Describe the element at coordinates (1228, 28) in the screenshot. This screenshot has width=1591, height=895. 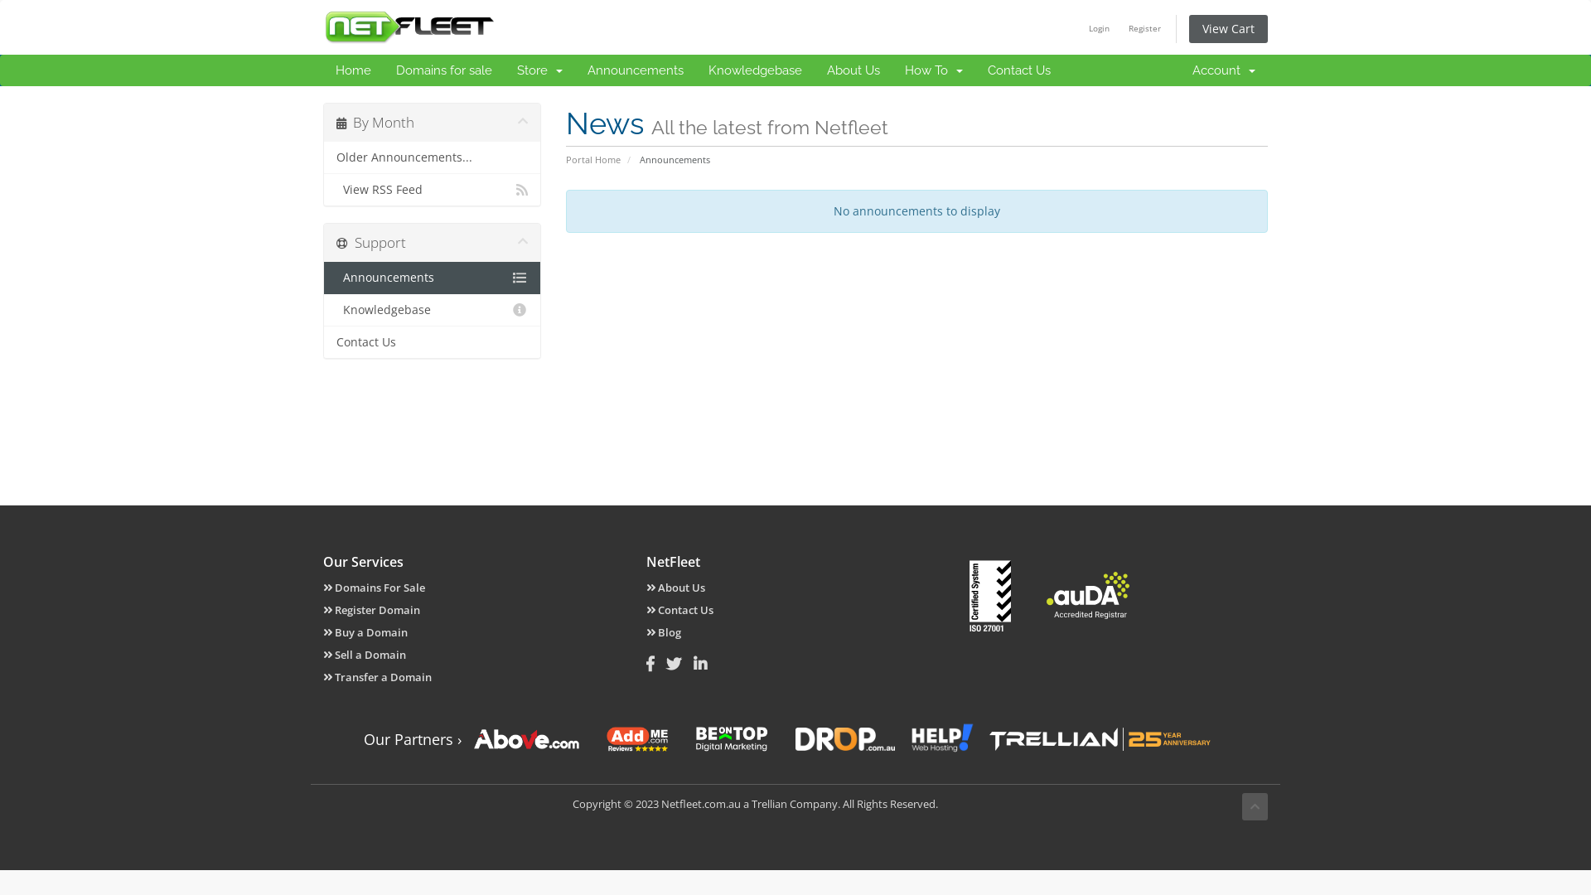
I see `'View Cart'` at that location.